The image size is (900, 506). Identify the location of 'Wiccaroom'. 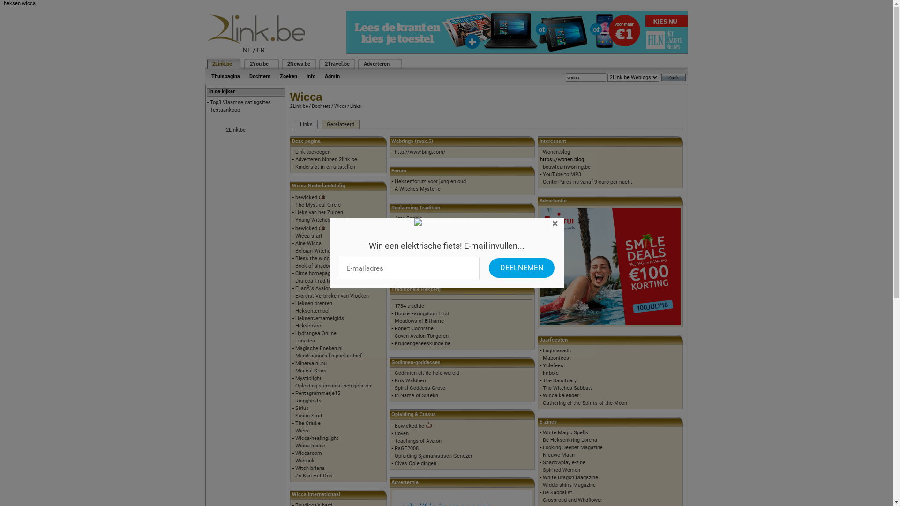
(294, 453).